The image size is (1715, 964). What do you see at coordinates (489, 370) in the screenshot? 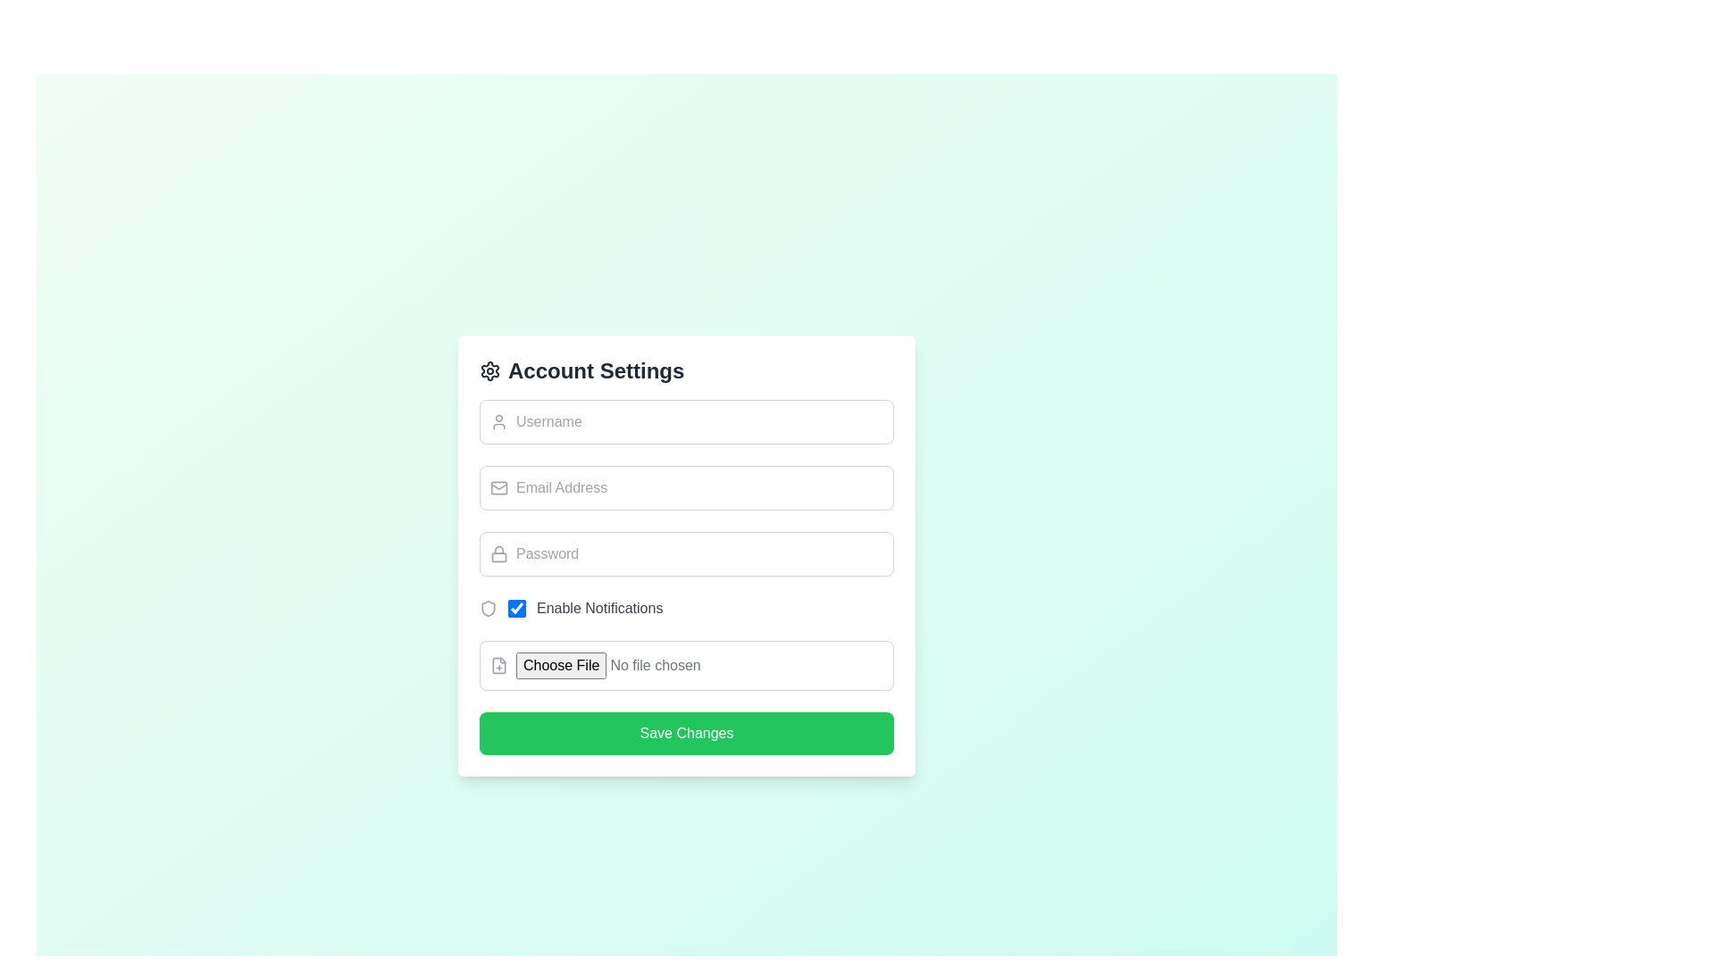
I see `settings icon located in the Account Settings panel, which is the first element in the heading section and visually aligned with the text 'Account Settings'` at bounding box center [489, 370].